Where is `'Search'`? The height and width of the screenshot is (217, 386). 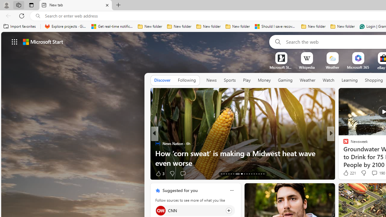 'Search' is located at coordinates (276, 41).